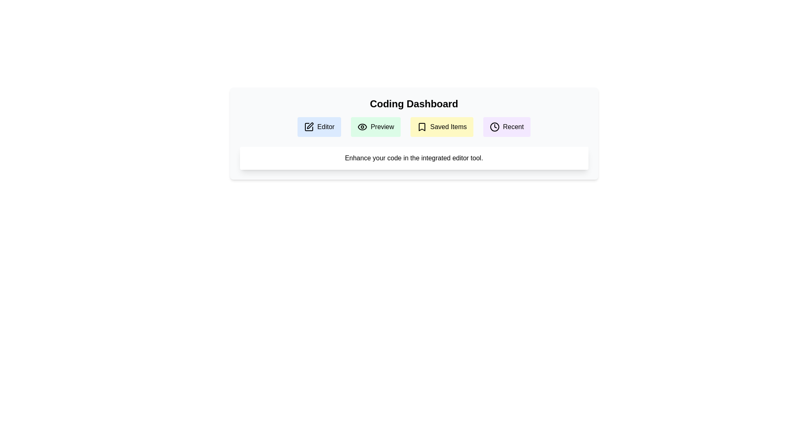 The height and width of the screenshot is (444, 789). What do you see at coordinates (414, 104) in the screenshot?
I see `title text label that says 'Coding Dashboard', which is large, bold, and centered at the top of the section` at bounding box center [414, 104].